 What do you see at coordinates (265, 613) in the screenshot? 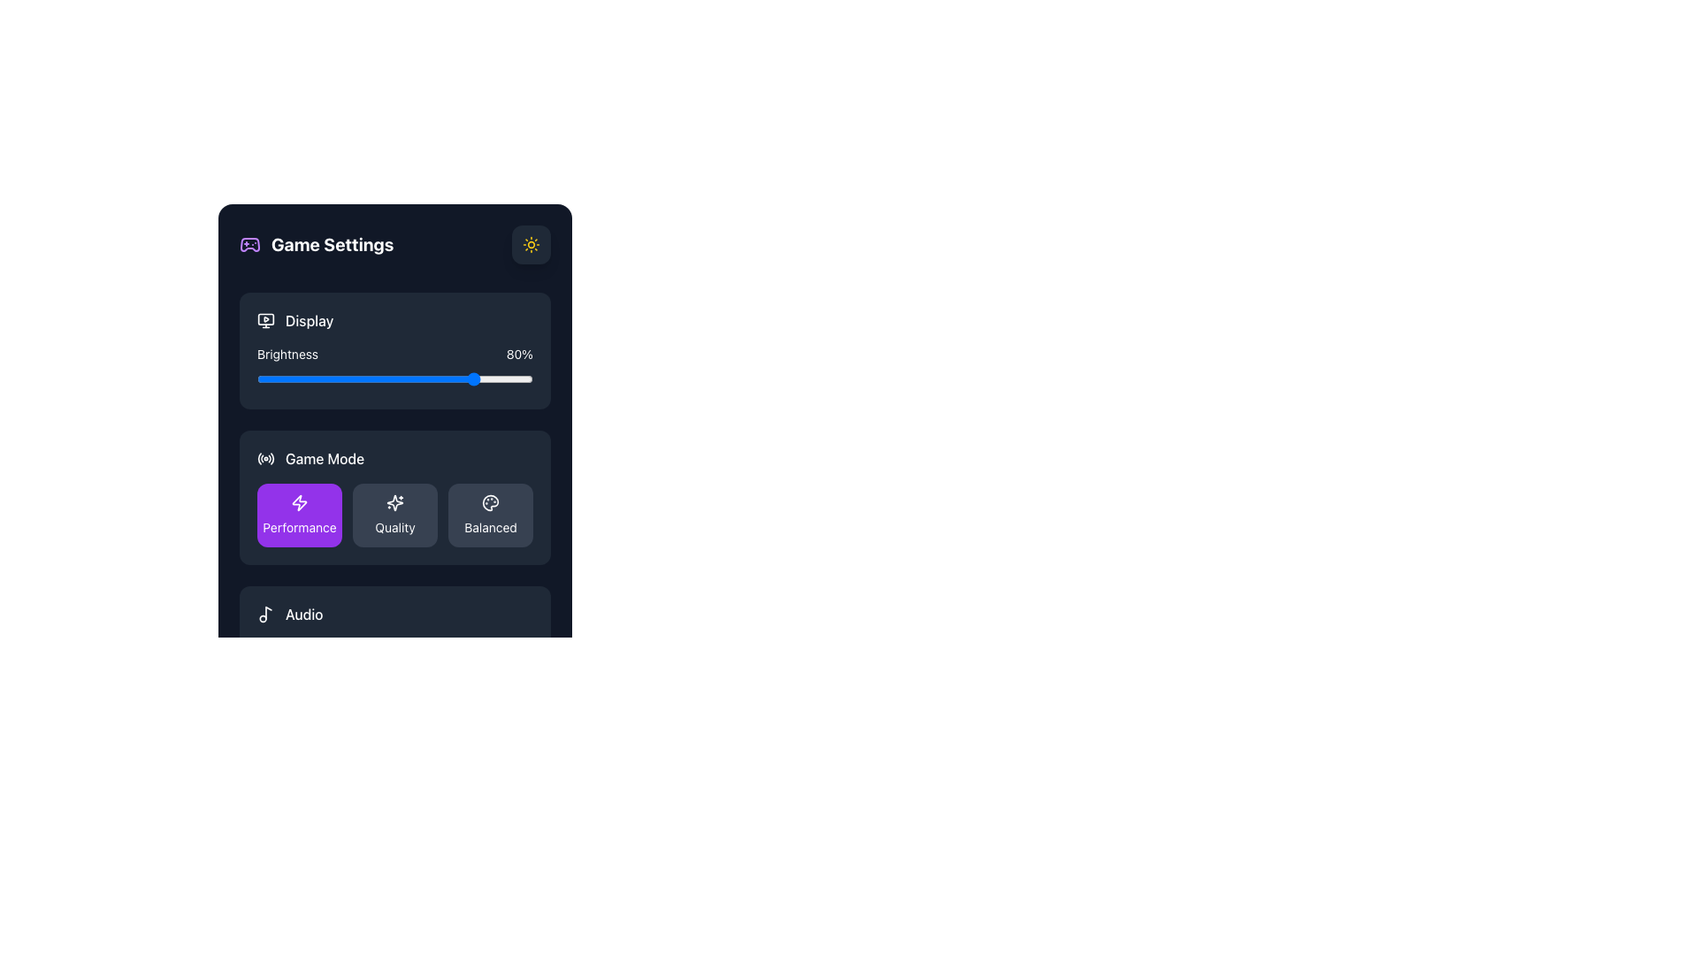
I see `the musical note icon located to the far left of the 'Audio' text within the 'Game Settings' interface` at bounding box center [265, 613].